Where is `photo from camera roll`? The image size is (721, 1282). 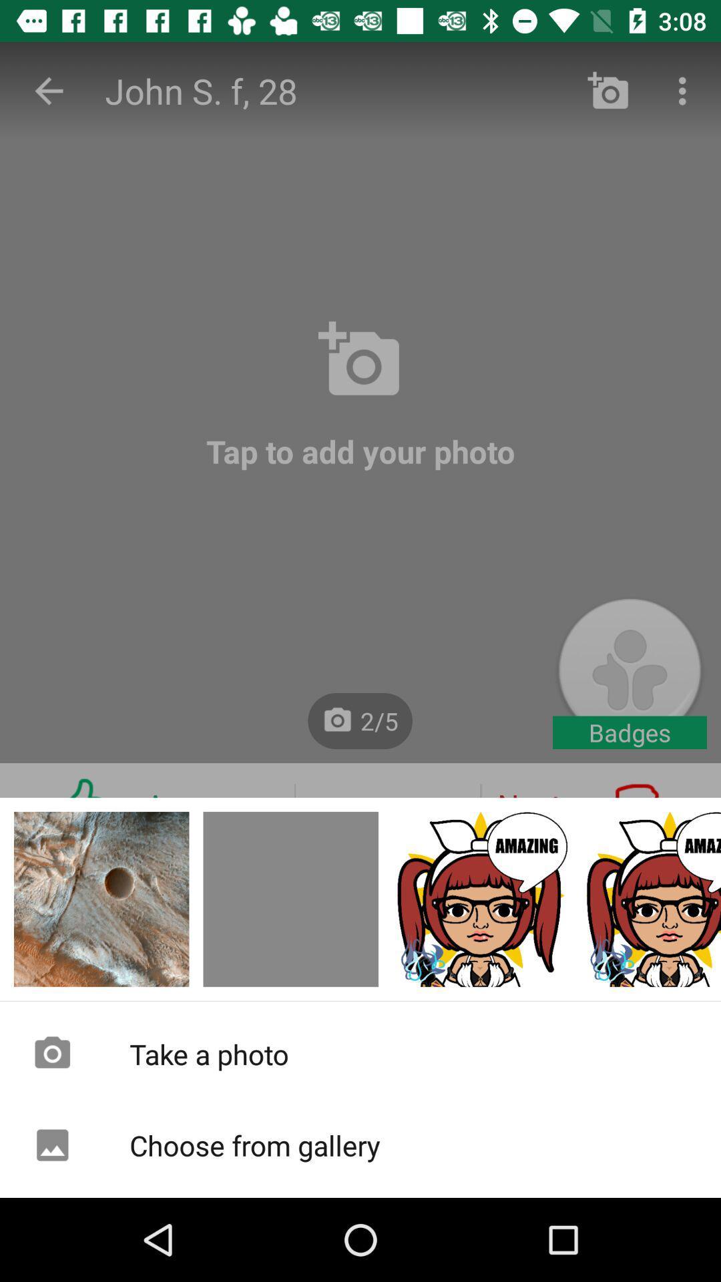 photo from camera roll is located at coordinates (650, 899).